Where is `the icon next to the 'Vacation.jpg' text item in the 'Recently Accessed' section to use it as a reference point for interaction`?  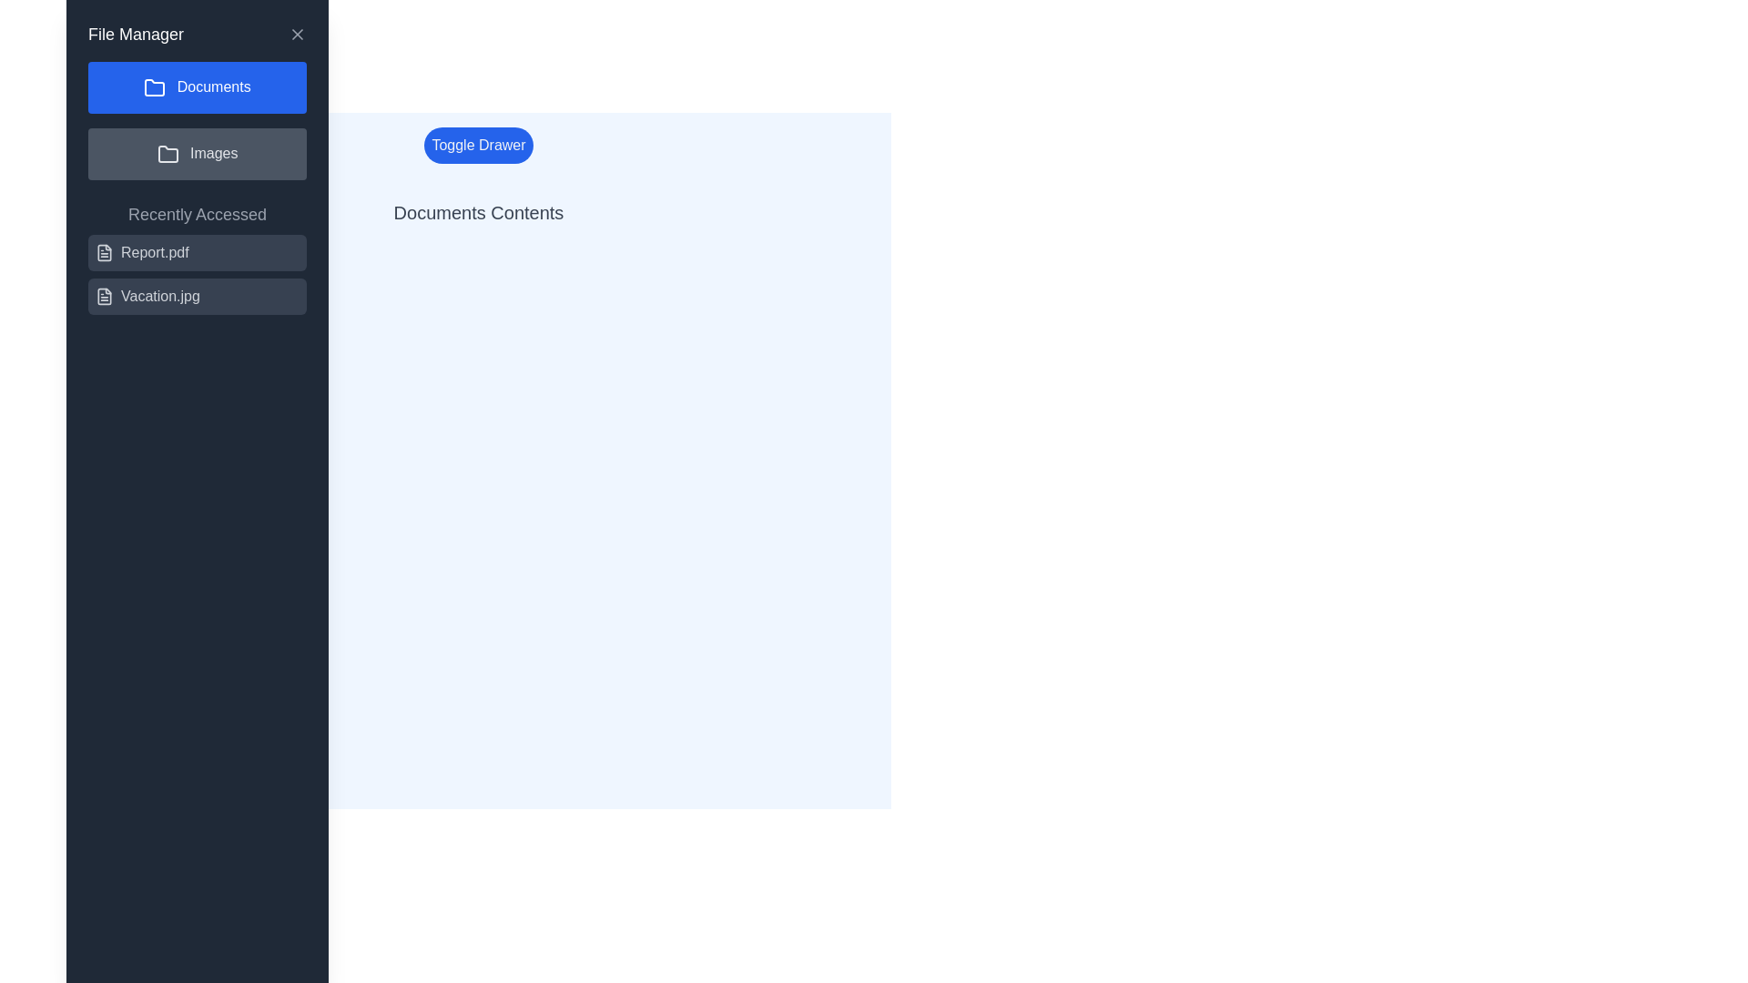
the icon next to the 'Vacation.jpg' text item in the 'Recently Accessed' section to use it as a reference point for interaction is located at coordinates (104, 294).